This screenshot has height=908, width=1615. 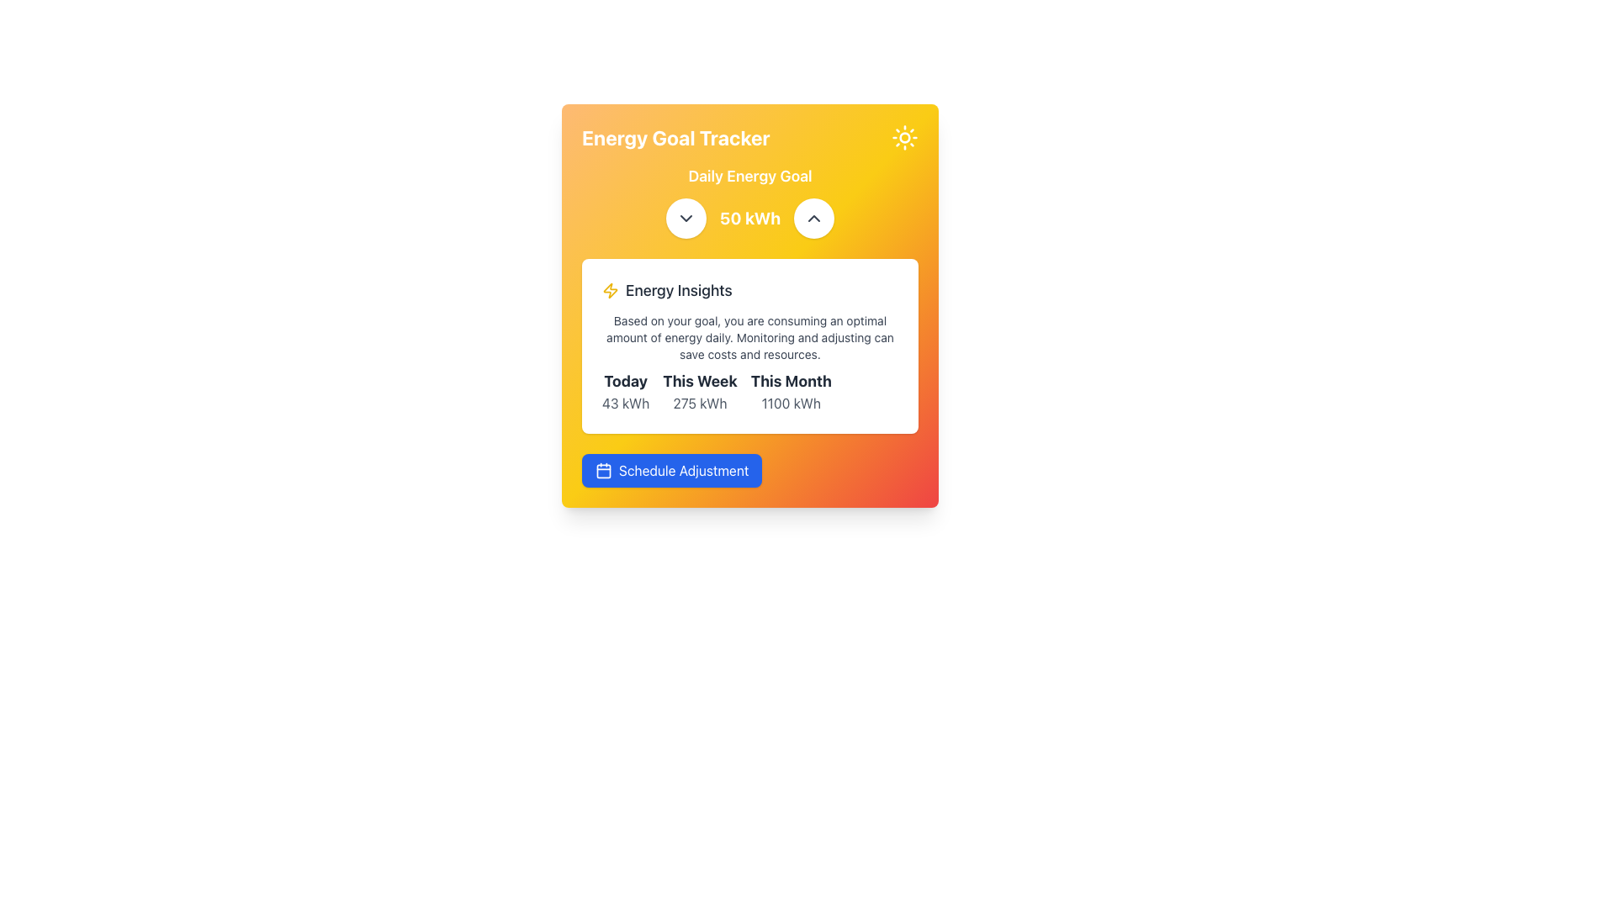 What do you see at coordinates (700, 392) in the screenshot?
I see `the Label displaying the summary of energy consumption for the current week in kilowatt-hours, located at the center of the 'Energy Insights' card` at bounding box center [700, 392].